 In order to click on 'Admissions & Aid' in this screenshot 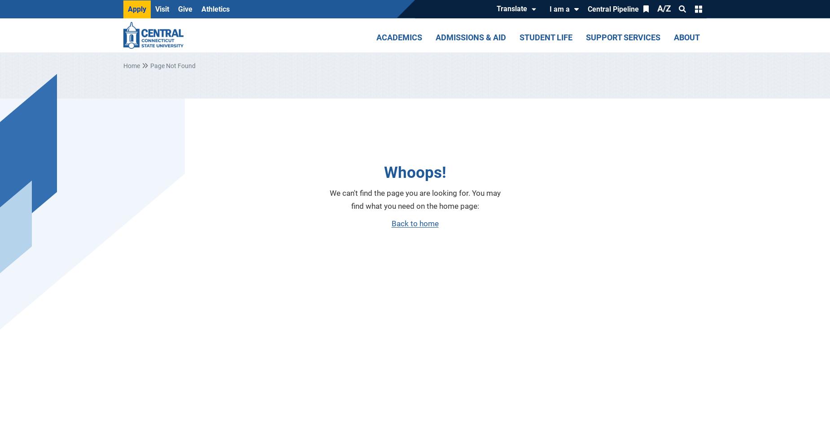, I will do `click(470, 37)`.